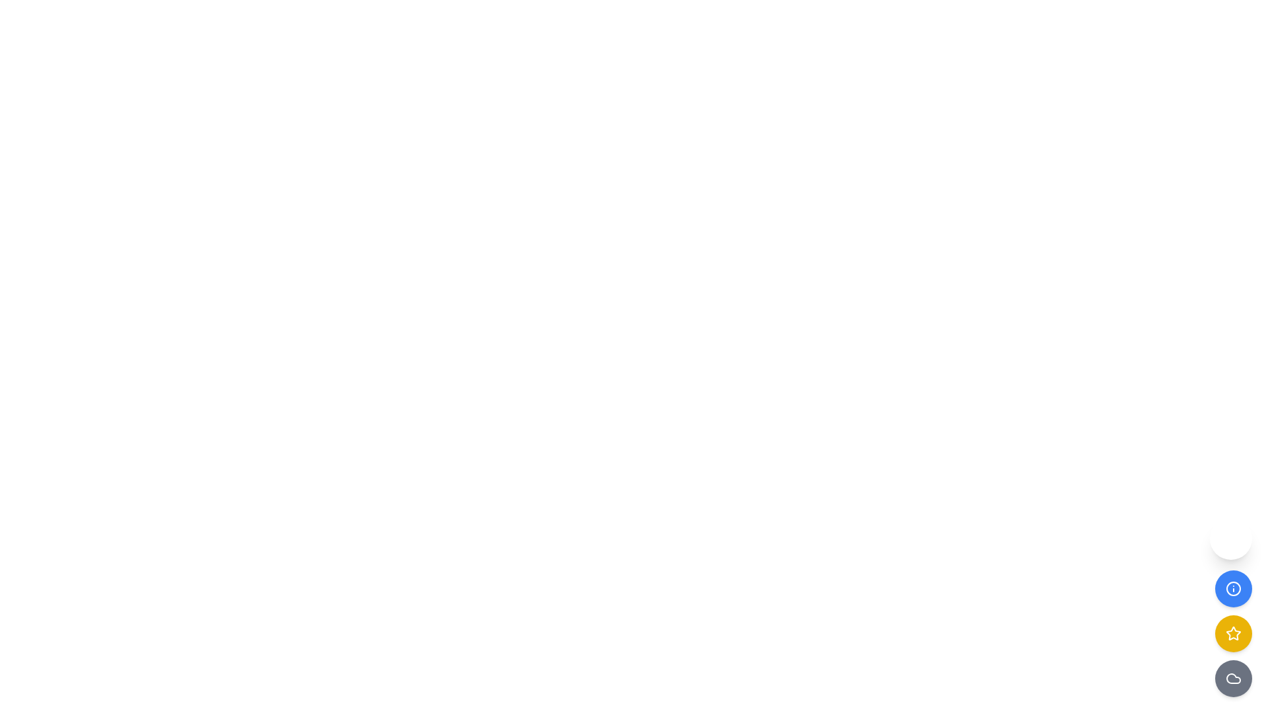 The height and width of the screenshot is (713, 1268). What do you see at coordinates (1232, 633) in the screenshot?
I see `the third interactive button in the vertical column, which is positioned below the blue button with an information icon and above the gray button with a cloud icon` at bounding box center [1232, 633].